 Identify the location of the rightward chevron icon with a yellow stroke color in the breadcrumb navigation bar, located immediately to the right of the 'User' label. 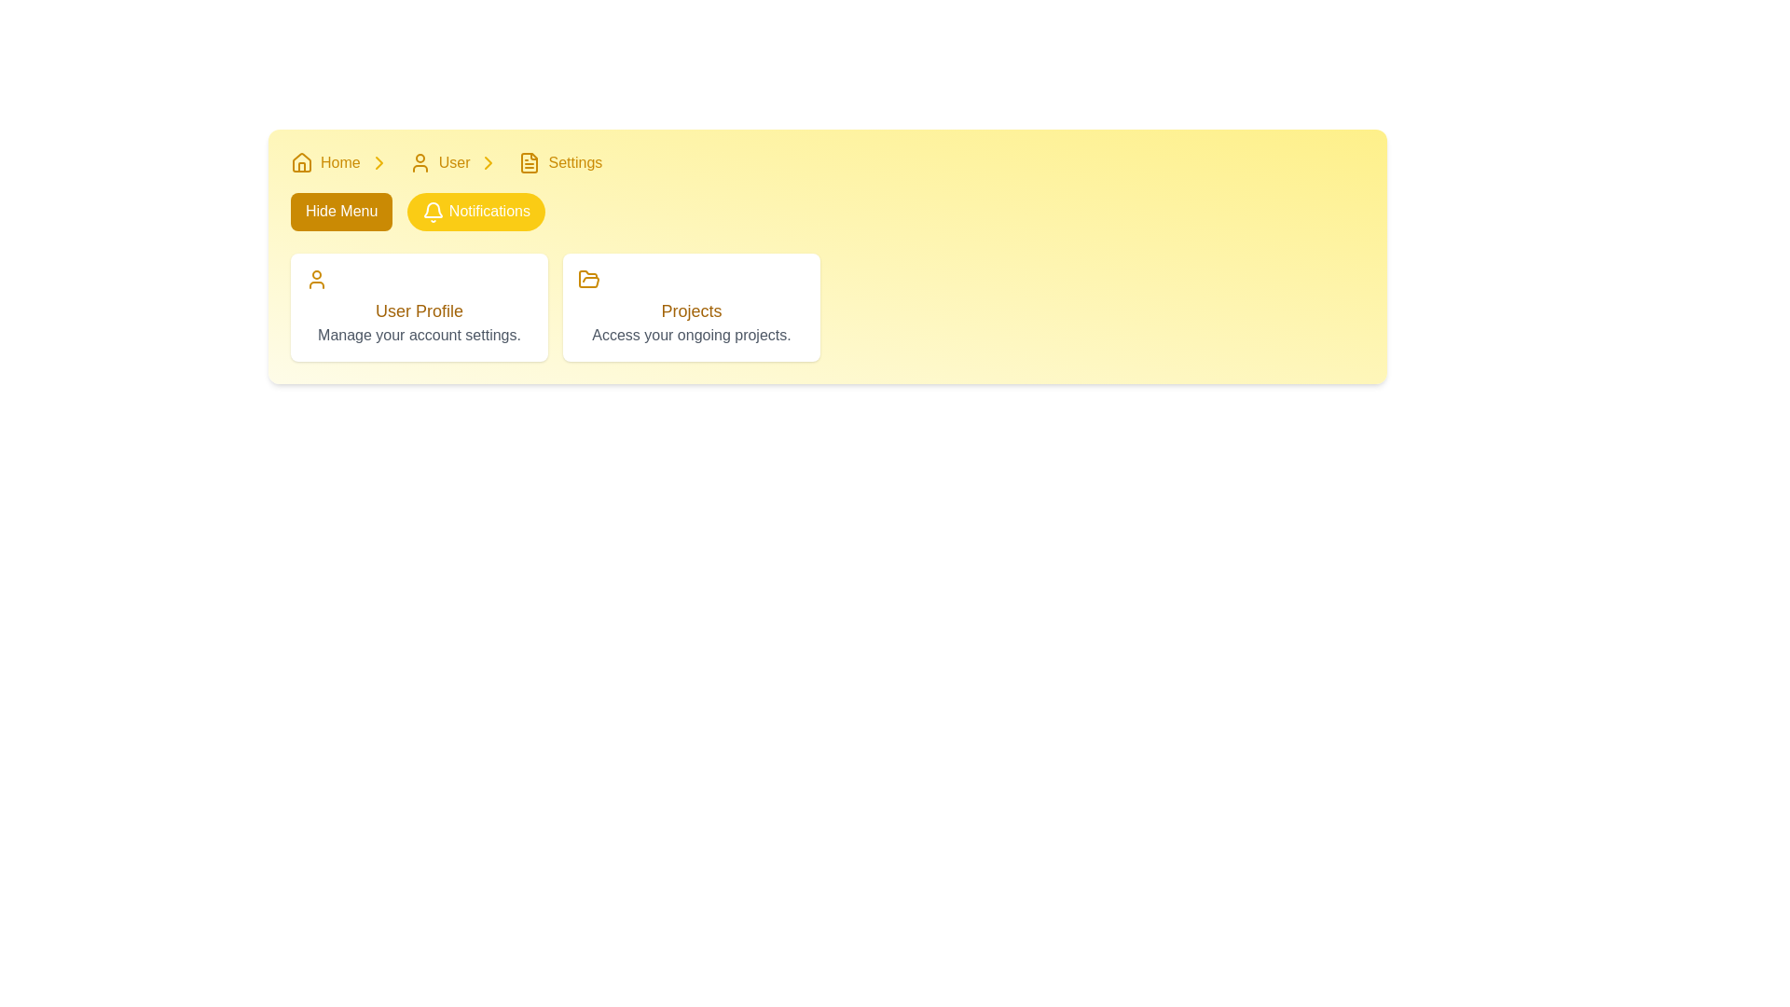
(489, 161).